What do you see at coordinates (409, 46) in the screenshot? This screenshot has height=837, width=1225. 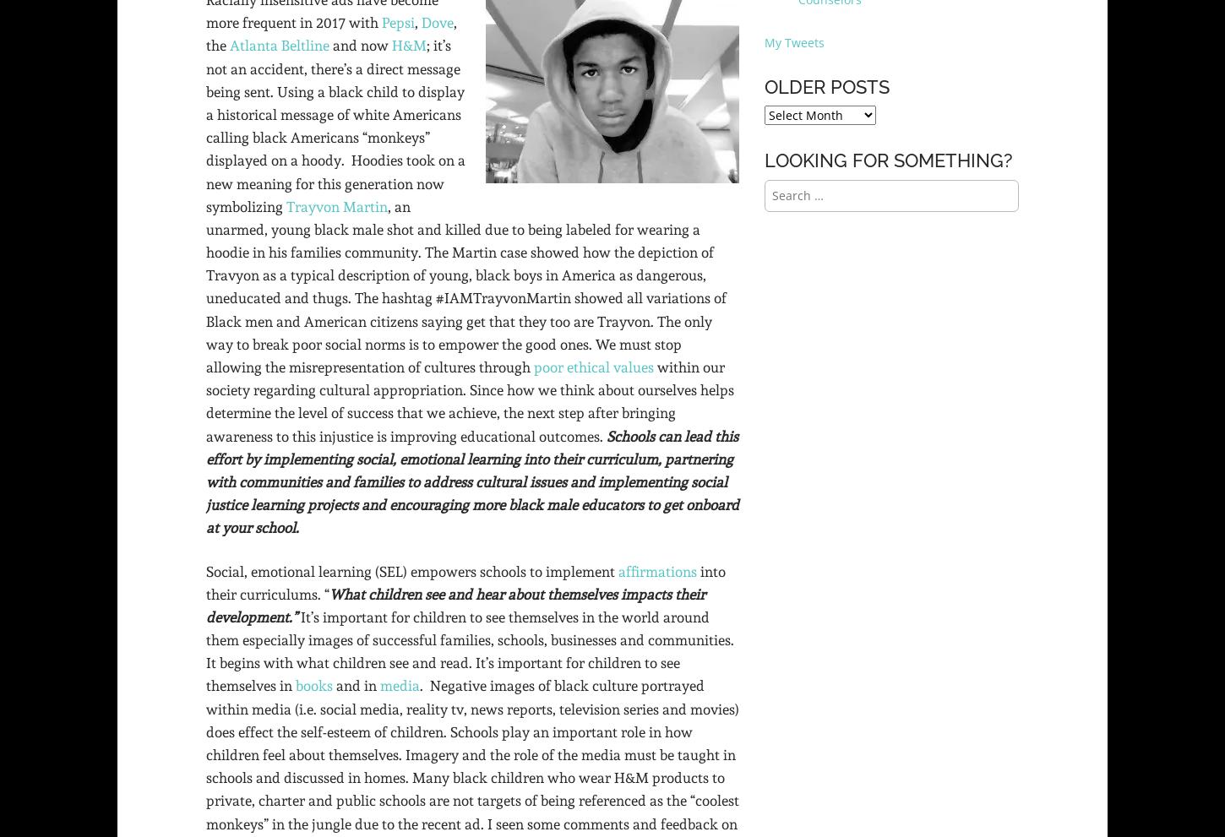 I see `'H&M'` at bounding box center [409, 46].